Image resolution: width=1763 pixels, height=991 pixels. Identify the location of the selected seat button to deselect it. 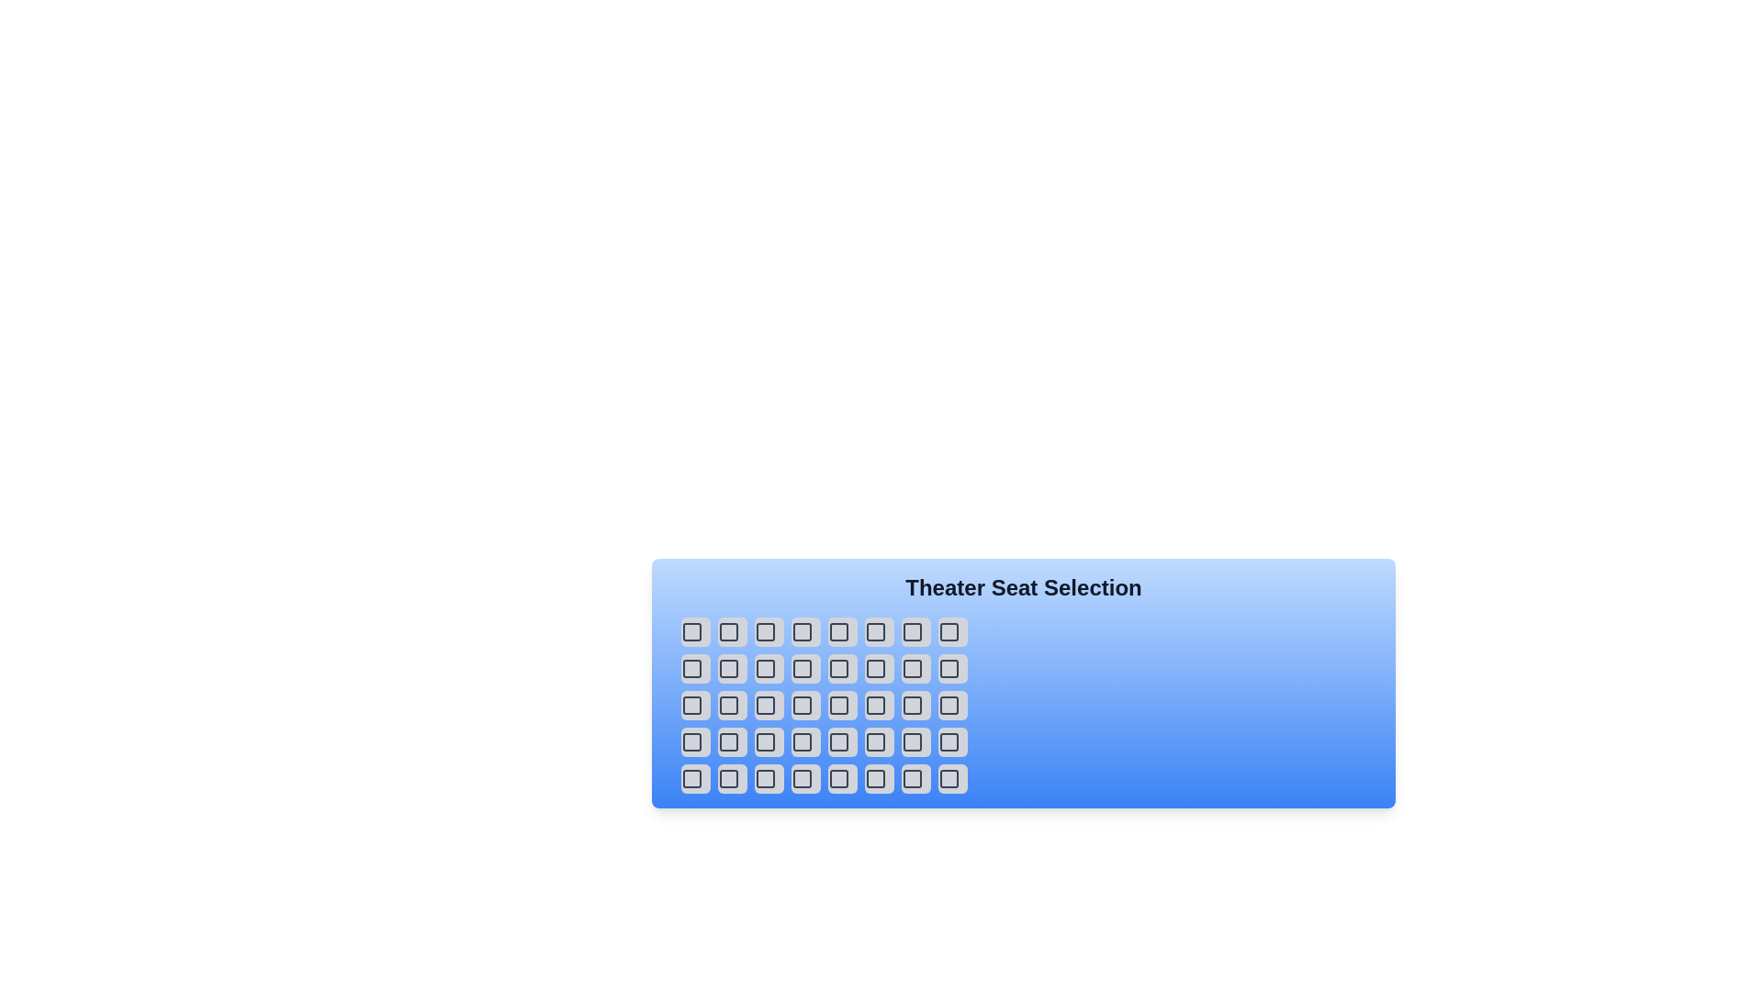
(695, 631).